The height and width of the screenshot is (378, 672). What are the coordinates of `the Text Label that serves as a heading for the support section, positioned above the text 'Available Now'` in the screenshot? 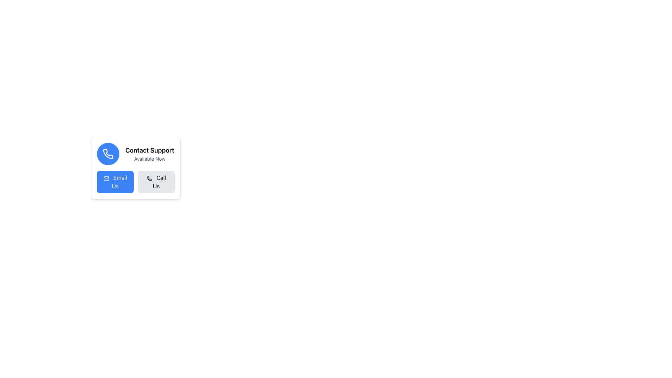 It's located at (149, 150).